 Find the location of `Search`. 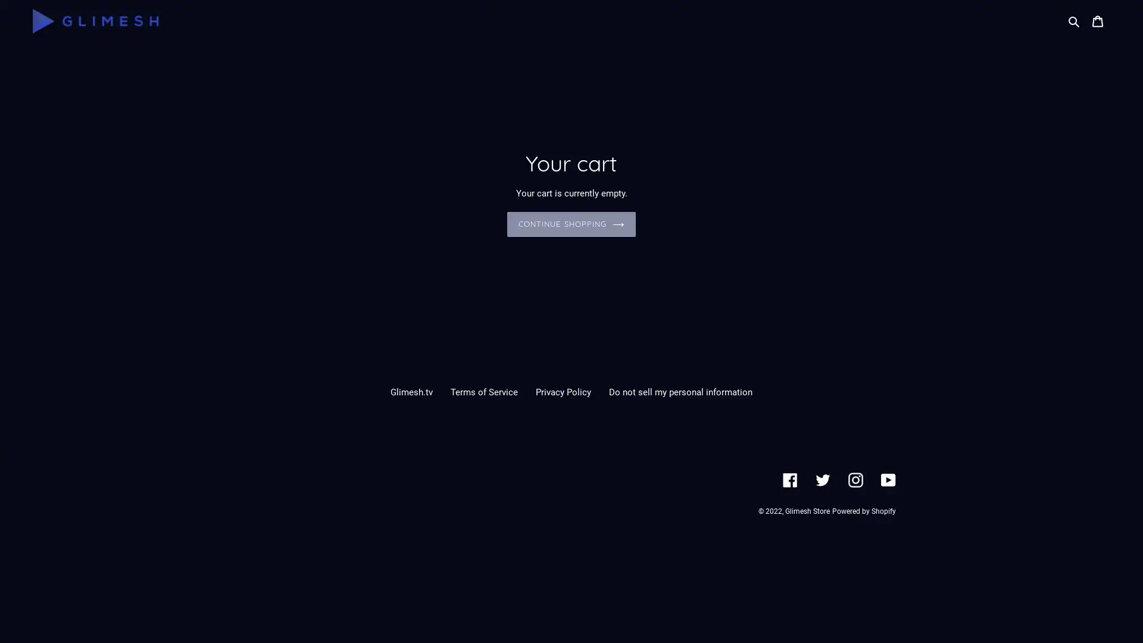

Search is located at coordinates (1075, 20).